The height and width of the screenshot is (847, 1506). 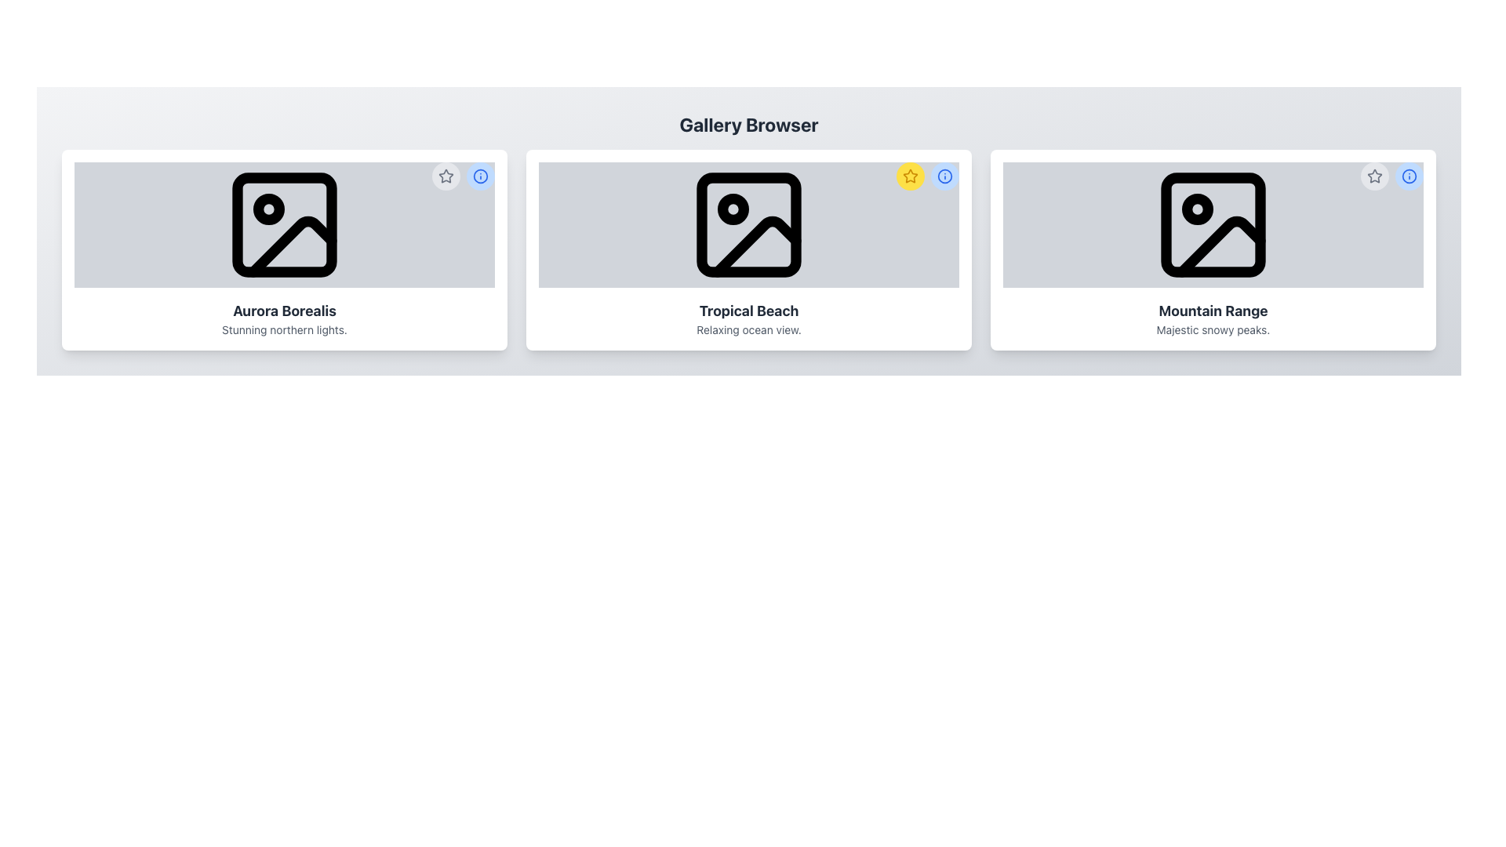 I want to click on the star button located in the top-right corner of the third card, so click(x=1373, y=176).